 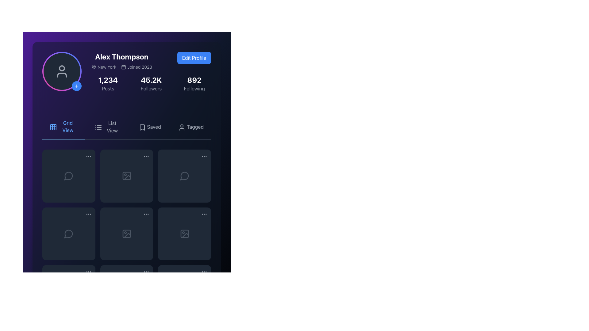 What do you see at coordinates (195, 126) in the screenshot?
I see `the 'Tagged' text label in the navigation bar` at bounding box center [195, 126].